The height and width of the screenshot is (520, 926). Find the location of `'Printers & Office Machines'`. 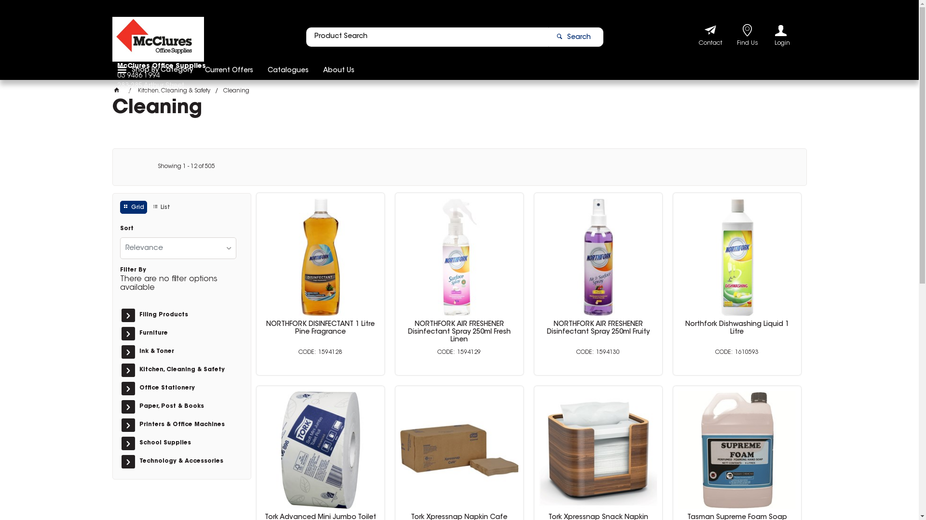

'Printers & Office Machines' is located at coordinates (187, 425).